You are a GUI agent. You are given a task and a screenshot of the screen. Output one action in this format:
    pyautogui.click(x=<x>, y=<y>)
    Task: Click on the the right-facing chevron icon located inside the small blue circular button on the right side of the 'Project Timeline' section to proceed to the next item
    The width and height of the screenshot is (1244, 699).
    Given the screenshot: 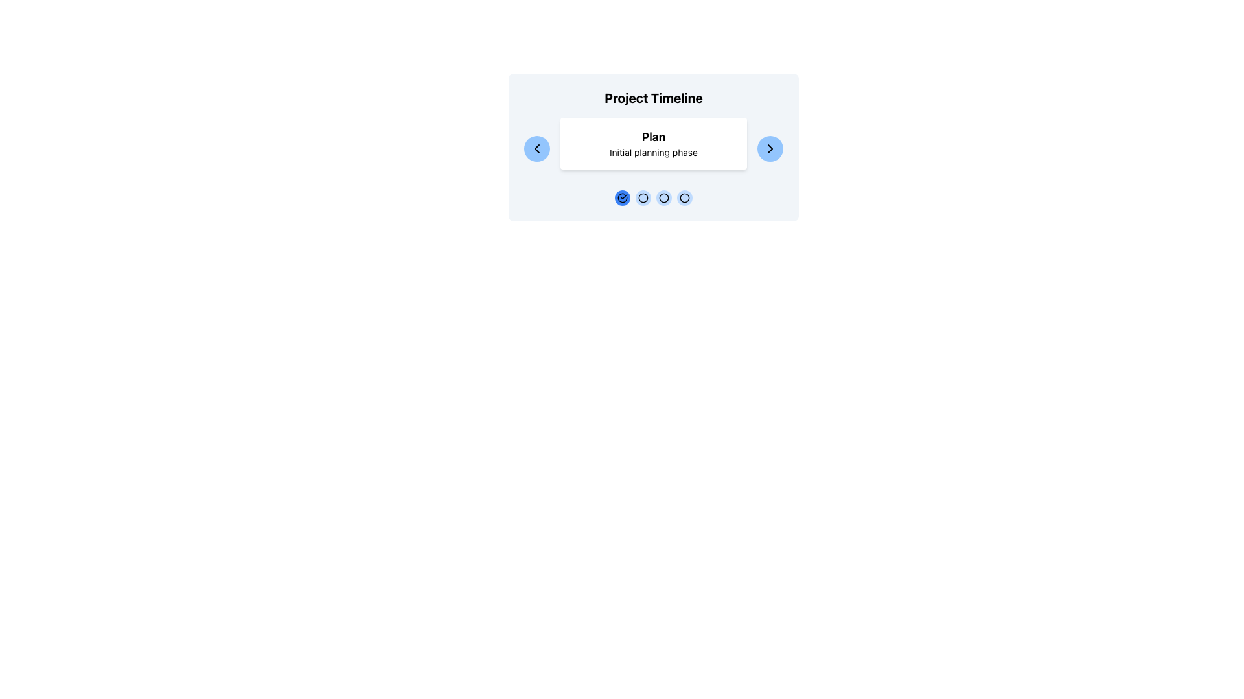 What is the action you would take?
    pyautogui.click(x=770, y=148)
    